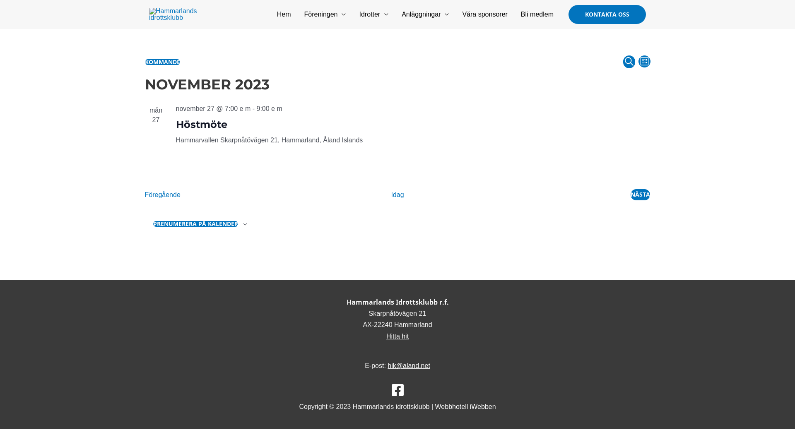  What do you see at coordinates (644, 61) in the screenshot?
I see `'LISTA'` at bounding box center [644, 61].